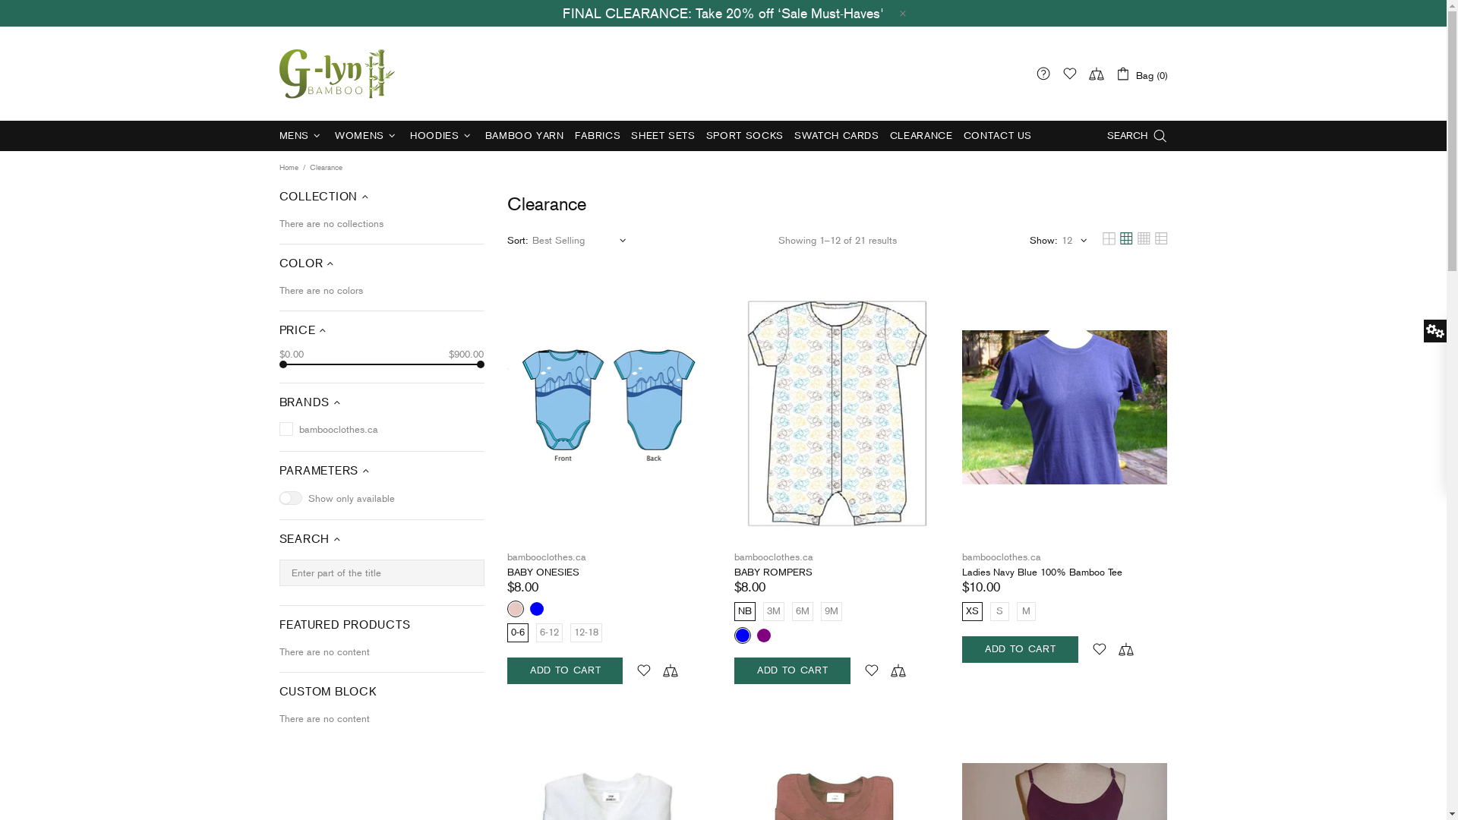 This screenshot has width=1458, height=820. Describe the element at coordinates (773, 572) in the screenshot. I see `'BABY ROMPERS'` at that location.